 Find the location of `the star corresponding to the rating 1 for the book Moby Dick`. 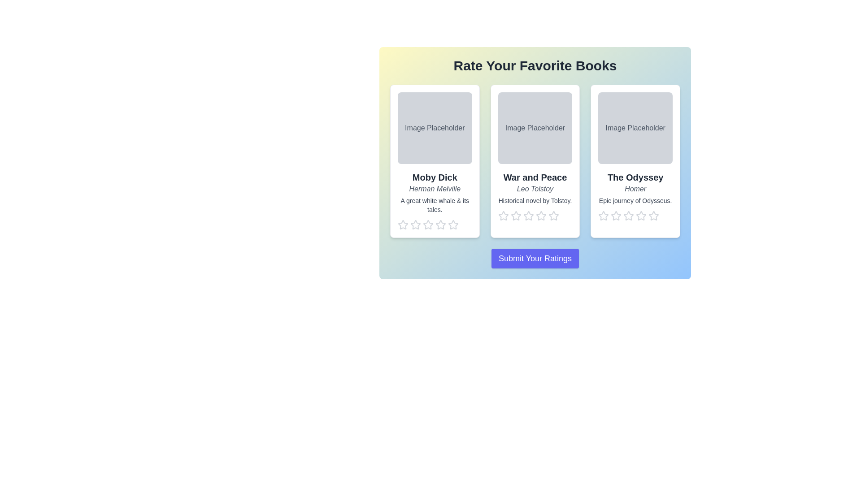

the star corresponding to the rating 1 for the book Moby Dick is located at coordinates (402, 224).